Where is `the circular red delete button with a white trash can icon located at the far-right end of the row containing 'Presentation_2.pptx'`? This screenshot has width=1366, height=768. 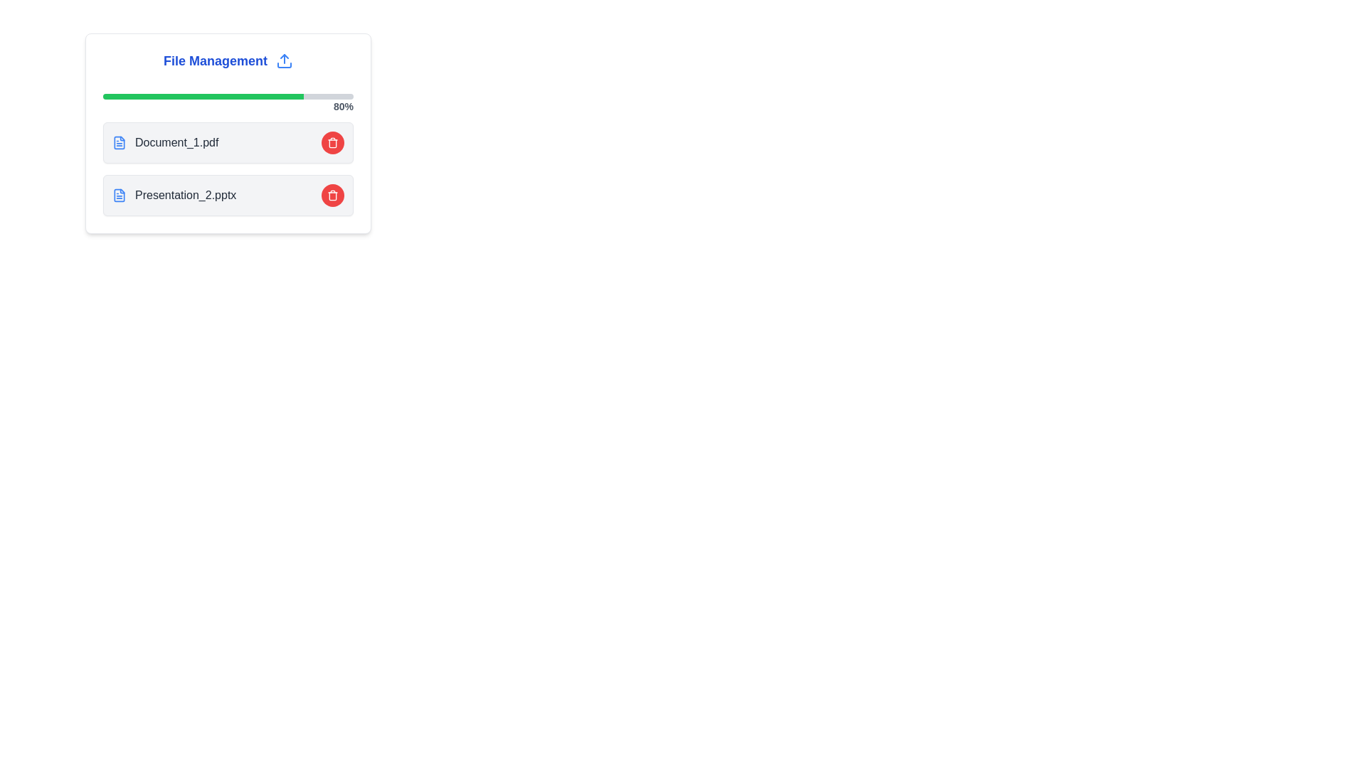
the circular red delete button with a white trash can icon located at the far-right end of the row containing 'Presentation_2.pptx' is located at coordinates (332, 195).